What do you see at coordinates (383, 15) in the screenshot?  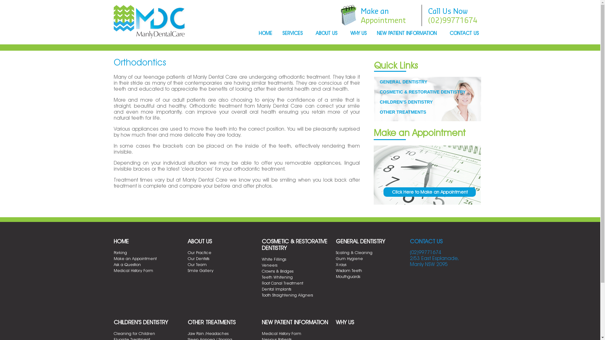 I see `'Make an` at bounding box center [383, 15].